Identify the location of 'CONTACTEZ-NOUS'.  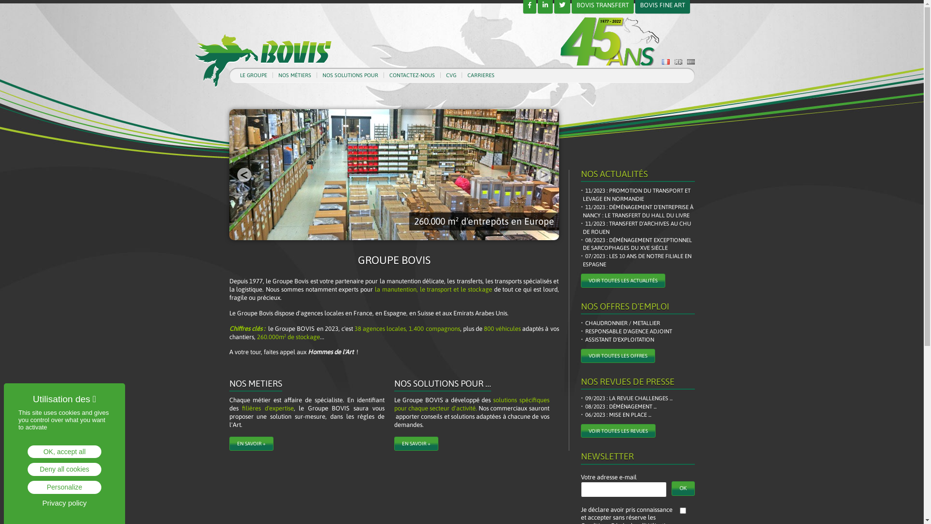
(412, 75).